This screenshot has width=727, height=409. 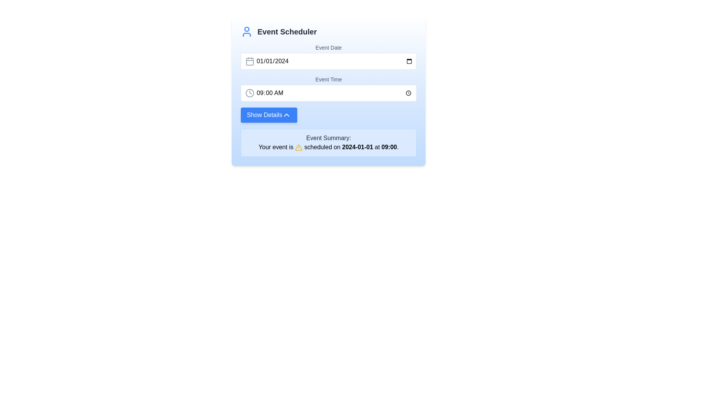 What do you see at coordinates (287, 31) in the screenshot?
I see `the header text label displaying 'Event Scheduler', which is bold and prominently styled in dark gray, positioned at the top-right of the interface` at bounding box center [287, 31].